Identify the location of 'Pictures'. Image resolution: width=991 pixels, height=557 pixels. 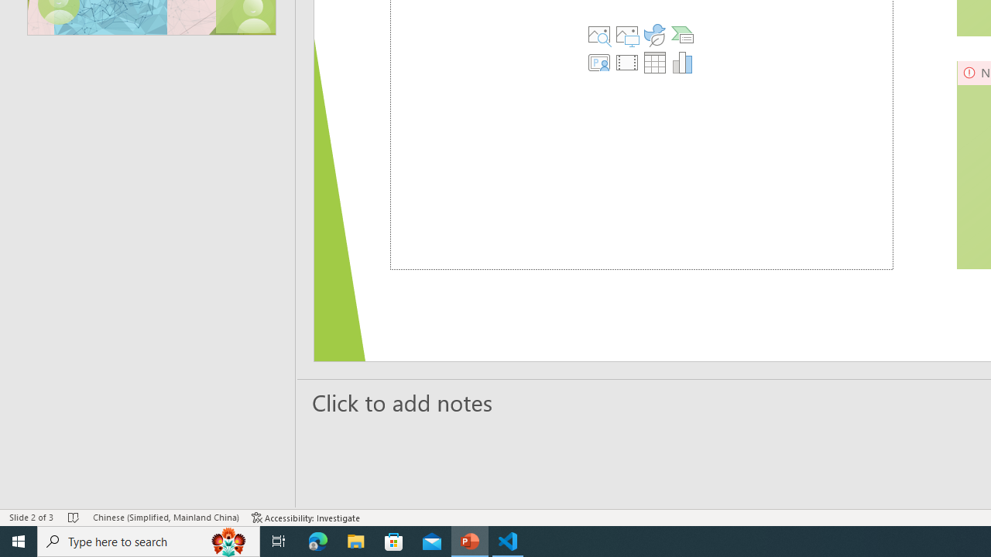
(626, 35).